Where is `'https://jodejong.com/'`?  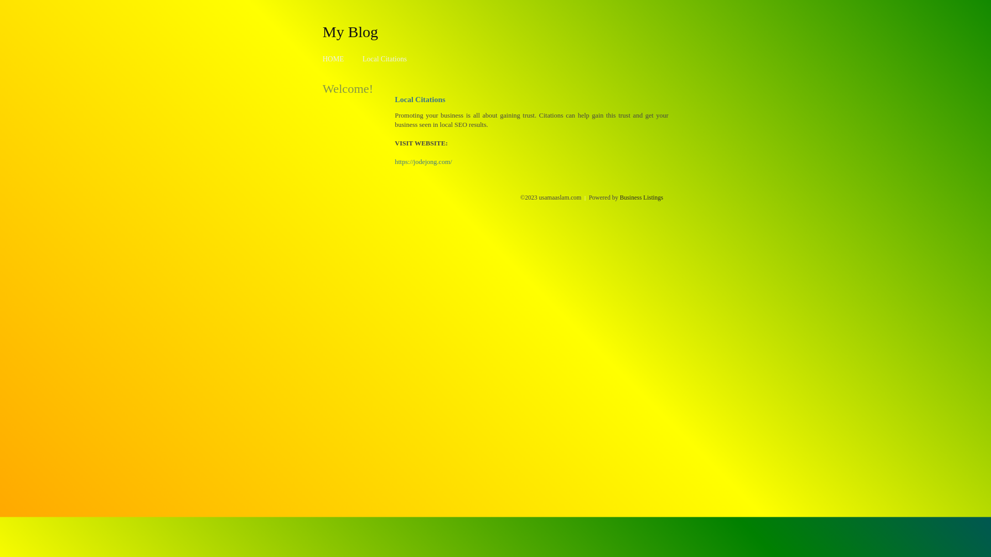
'https://jodejong.com/' is located at coordinates (423, 161).